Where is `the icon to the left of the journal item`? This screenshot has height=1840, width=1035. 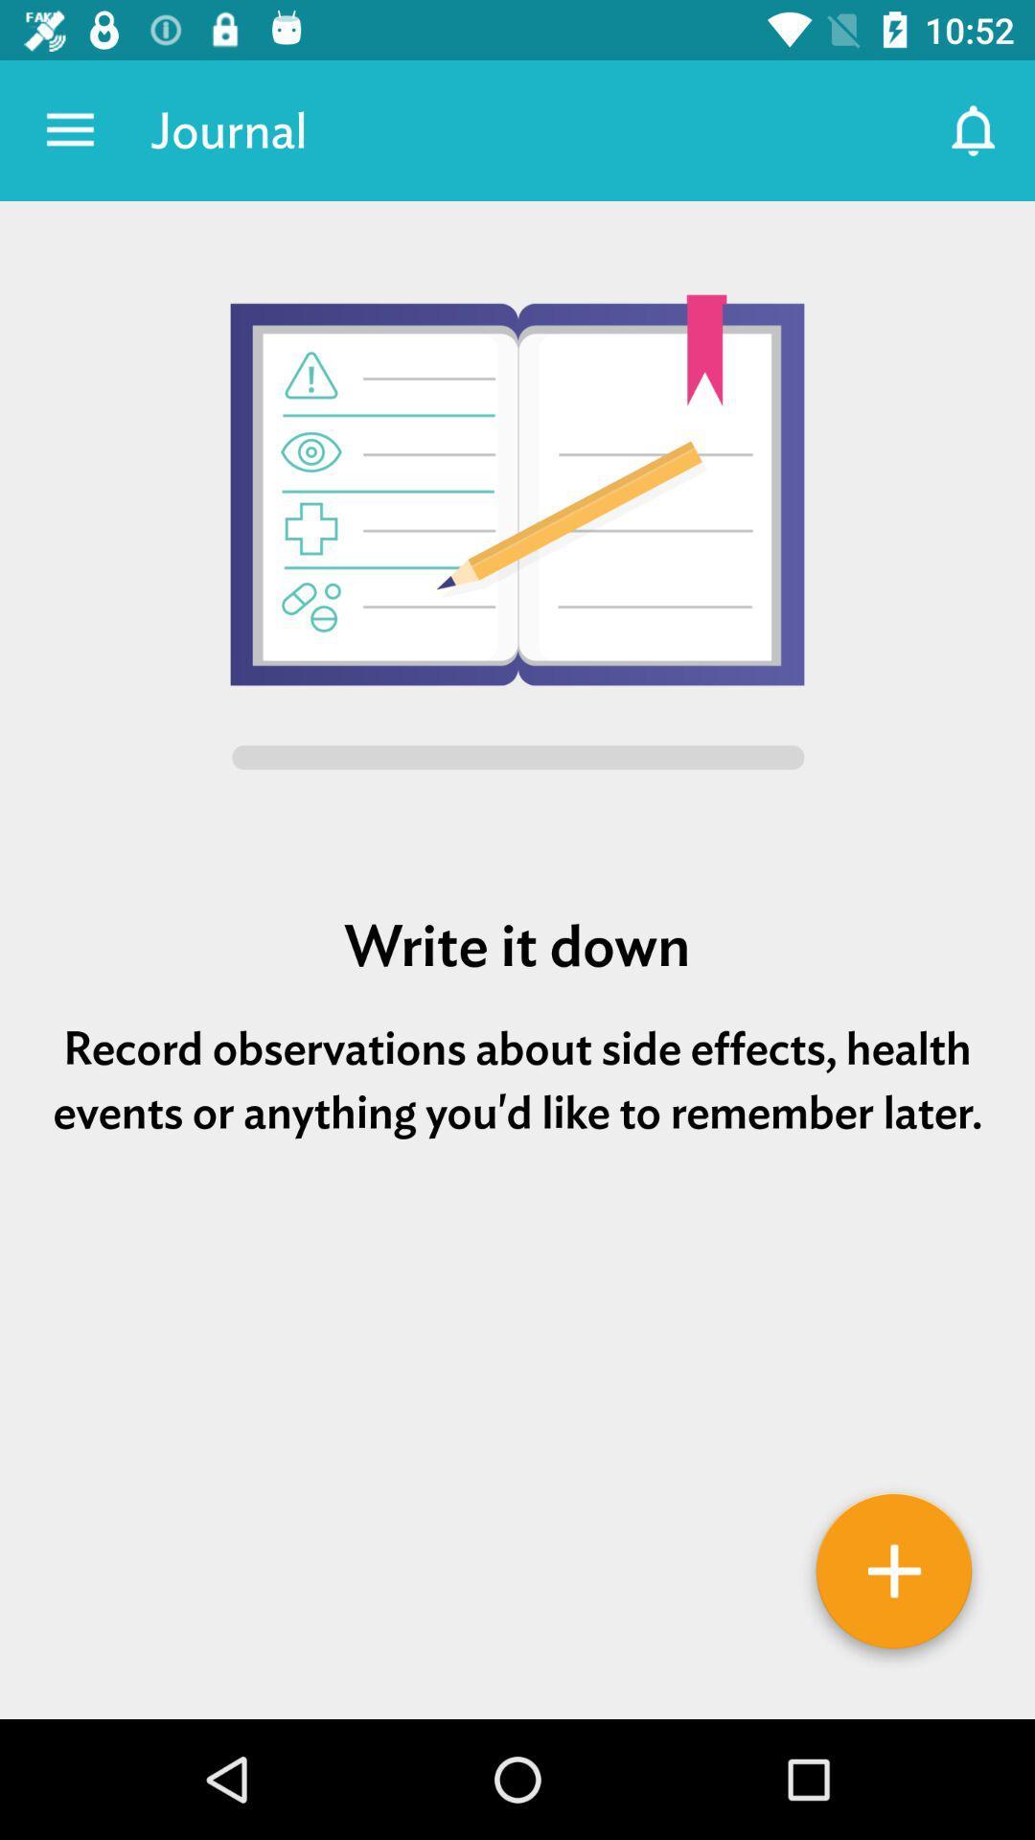 the icon to the left of the journal item is located at coordinates (69, 129).